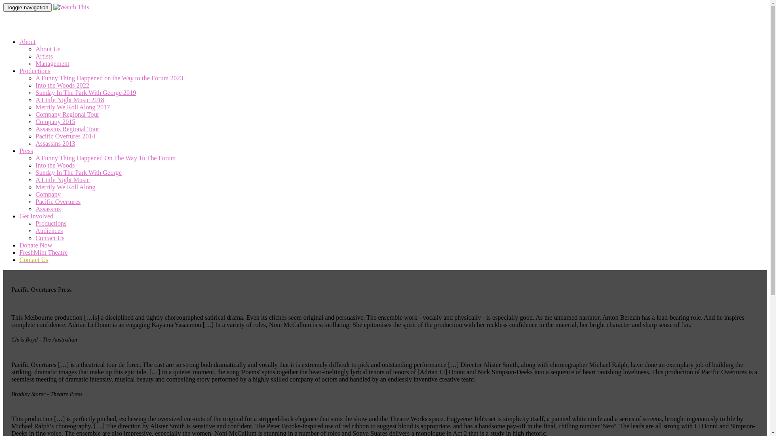 The width and height of the screenshot is (776, 436). What do you see at coordinates (27, 7) in the screenshot?
I see `'Toggle navigation'` at bounding box center [27, 7].